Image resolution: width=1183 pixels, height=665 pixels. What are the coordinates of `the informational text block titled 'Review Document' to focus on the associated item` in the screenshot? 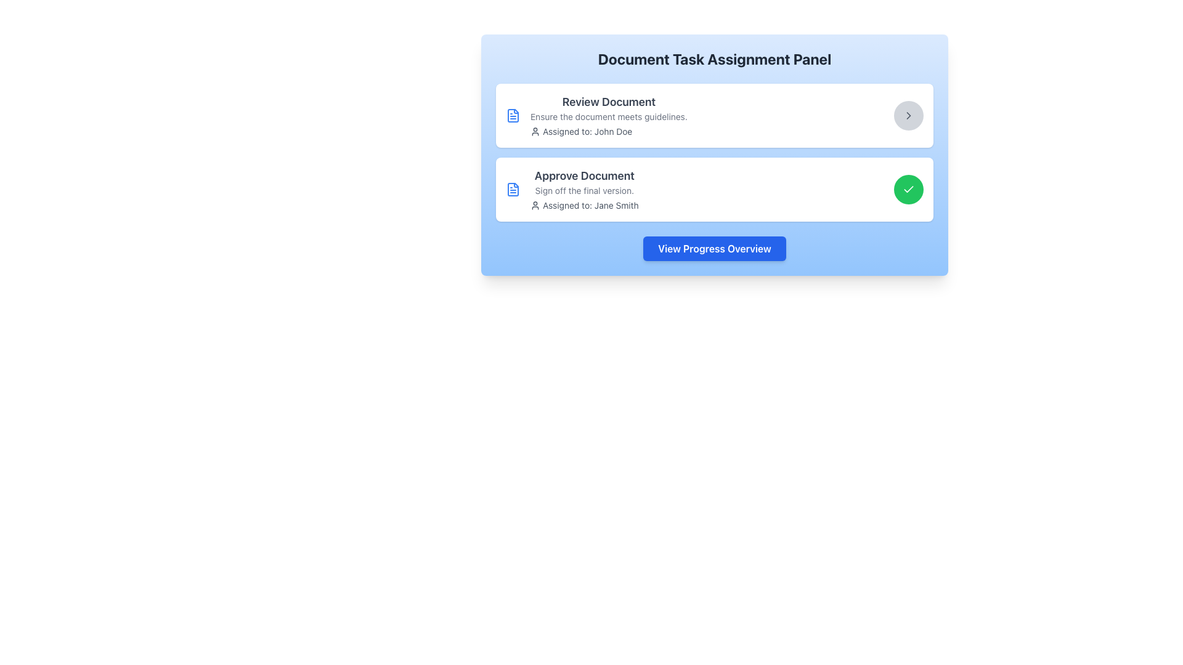 It's located at (609, 116).